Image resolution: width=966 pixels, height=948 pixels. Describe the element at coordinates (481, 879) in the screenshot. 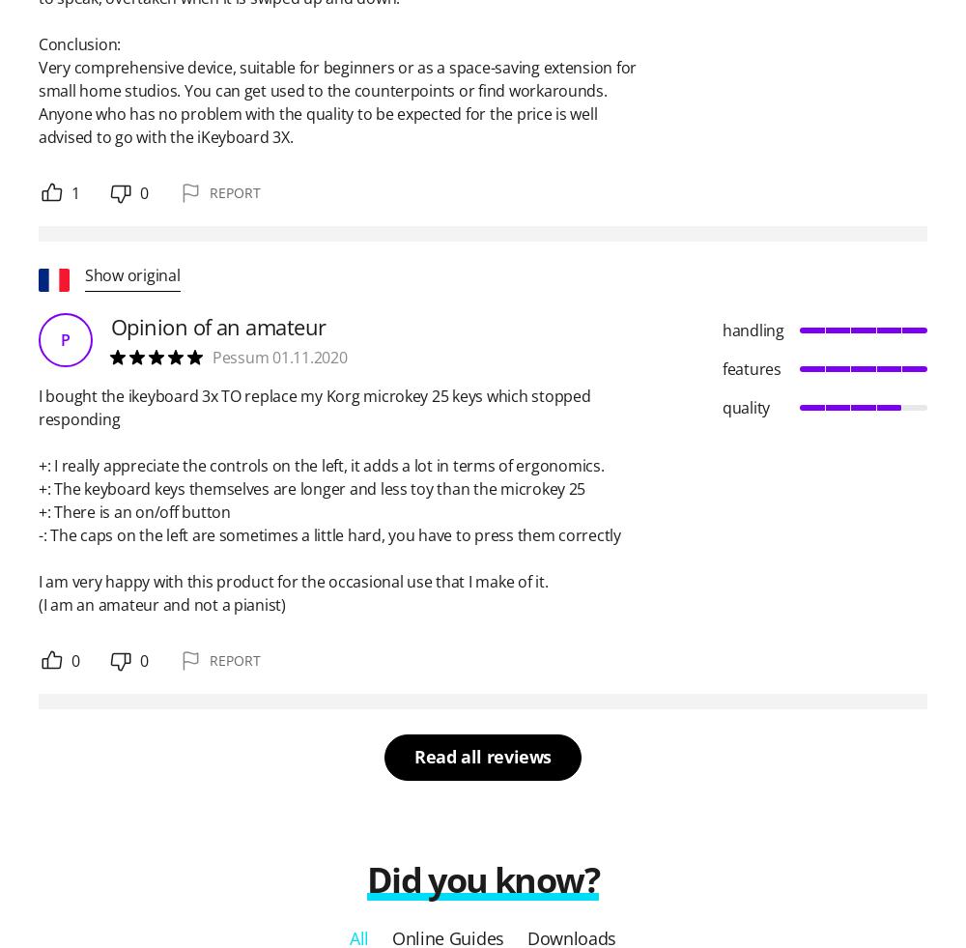

I see `'Did you know?'` at that location.